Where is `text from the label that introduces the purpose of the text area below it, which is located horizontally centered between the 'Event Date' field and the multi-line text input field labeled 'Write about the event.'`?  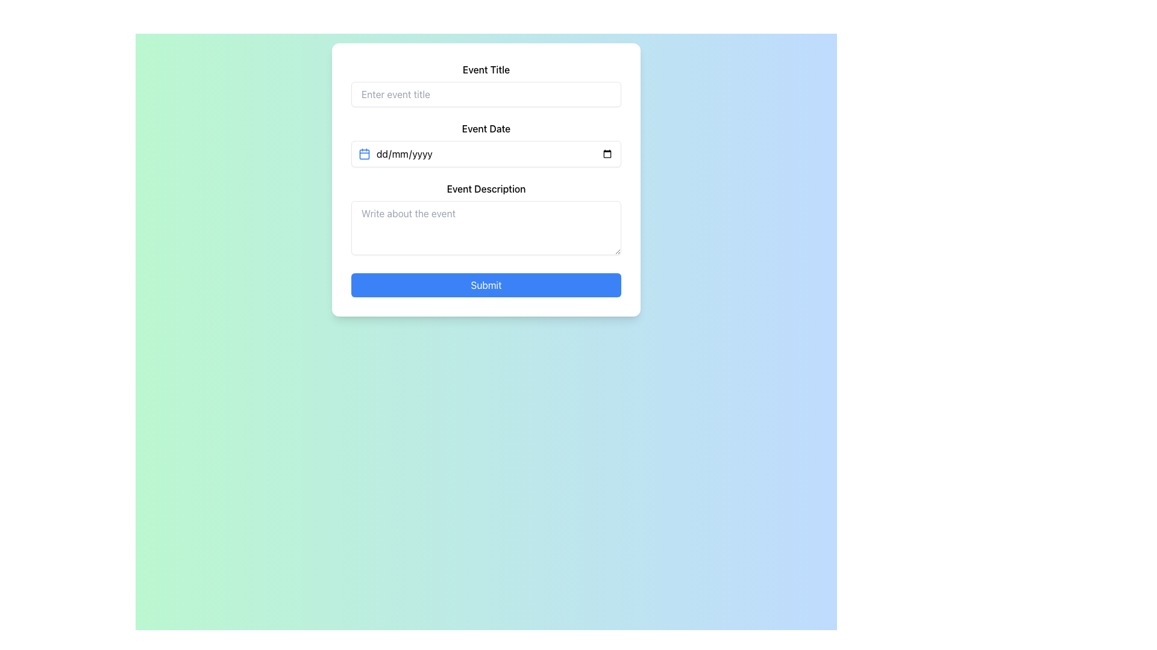
text from the label that introduces the purpose of the text area below it, which is located horizontally centered between the 'Event Date' field and the multi-line text input field labeled 'Write about the event.' is located at coordinates (486, 188).